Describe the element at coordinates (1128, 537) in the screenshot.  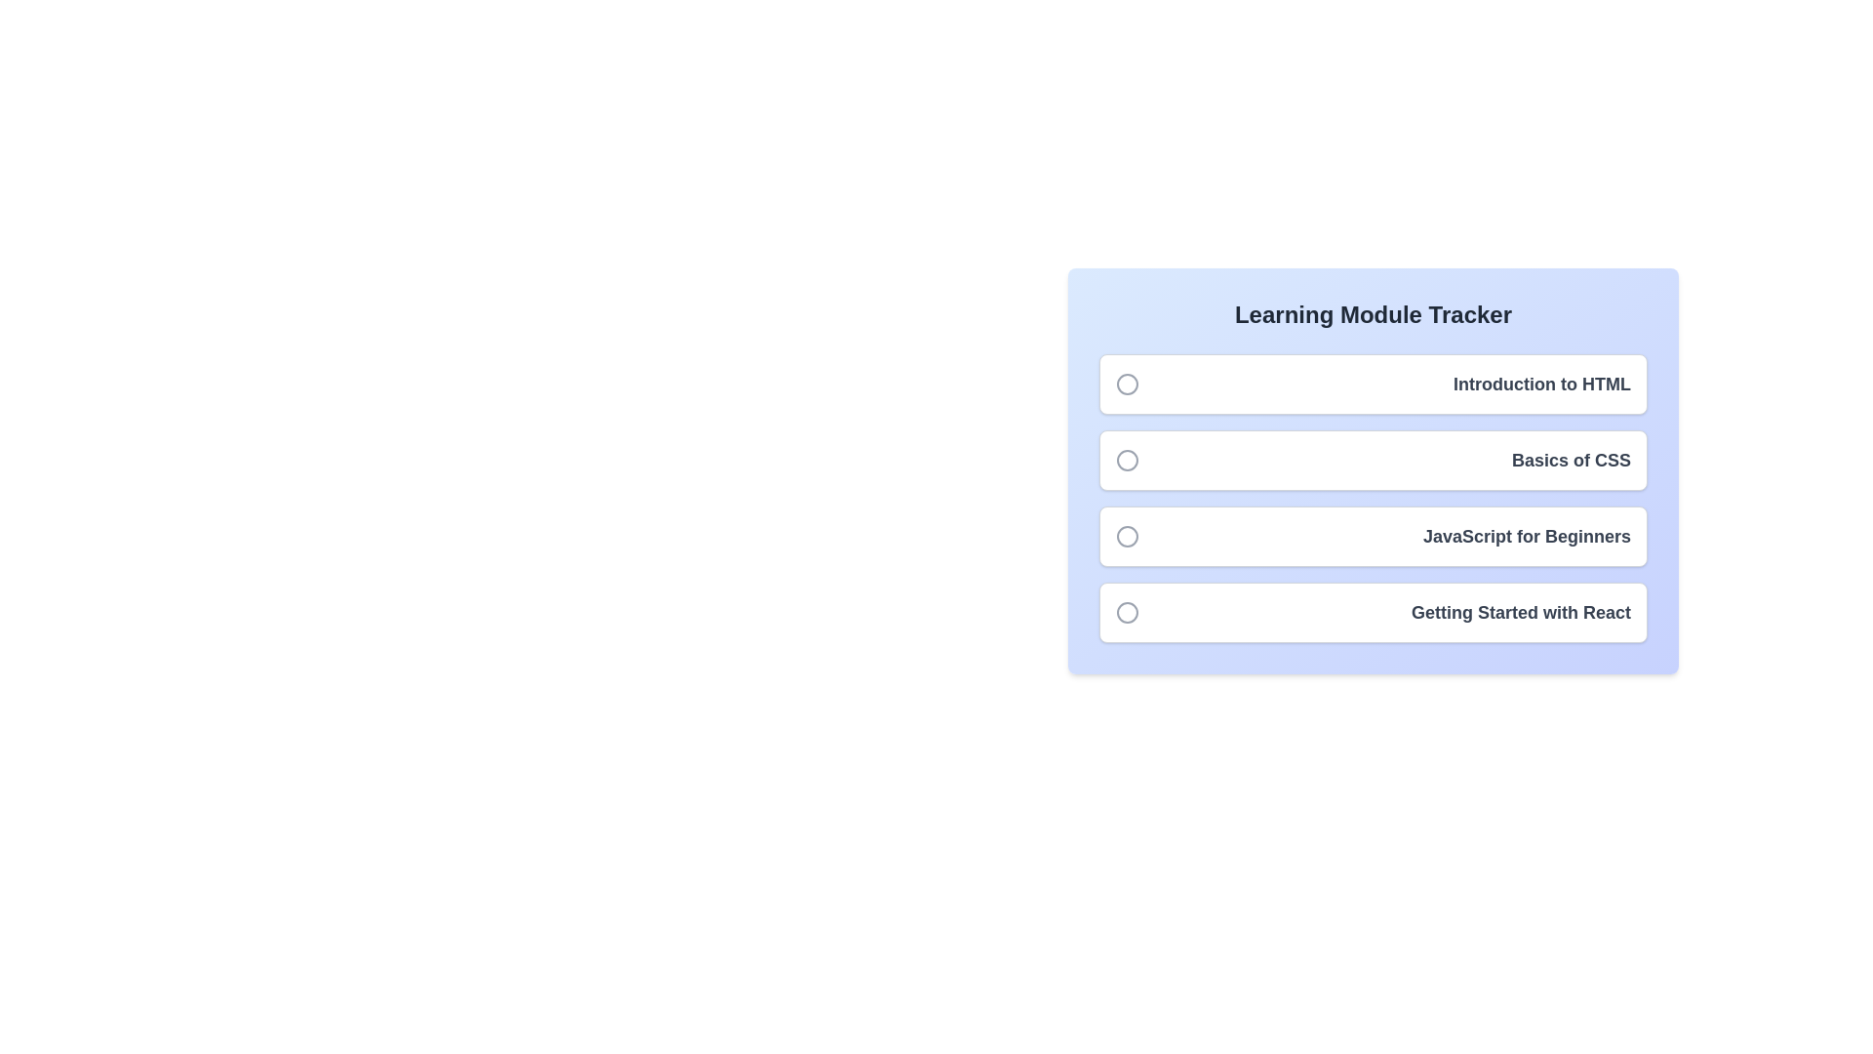
I see `the radio button indicator for the 'JavaScript for Beginners' module to receive visual feedback` at that location.